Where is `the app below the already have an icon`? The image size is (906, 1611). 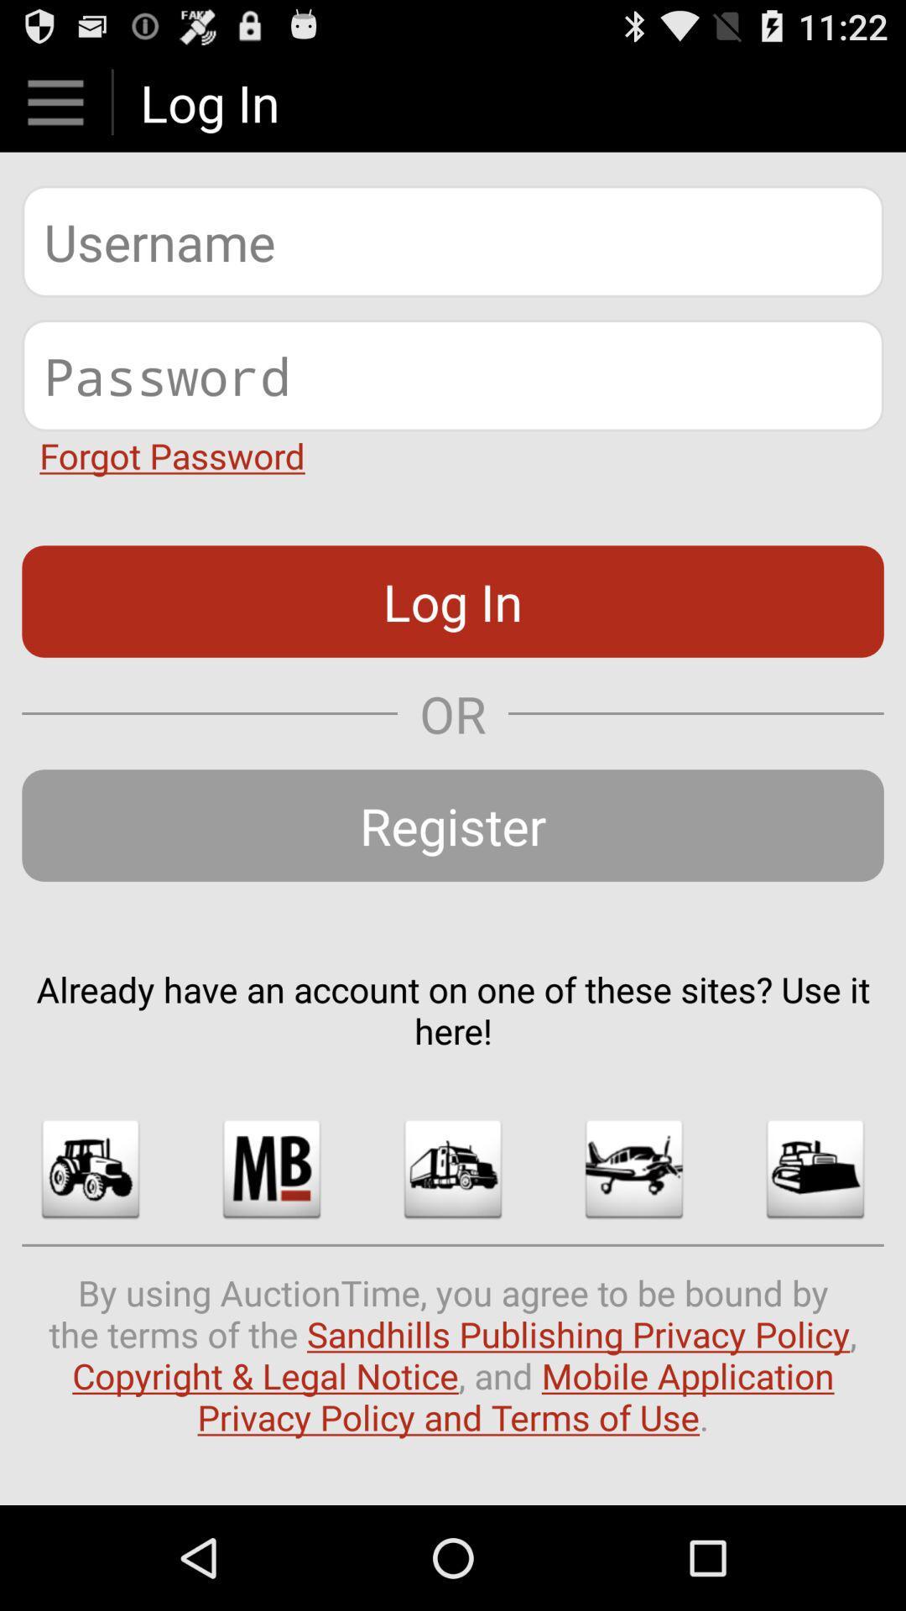
the app below the already have an icon is located at coordinates (271, 1168).